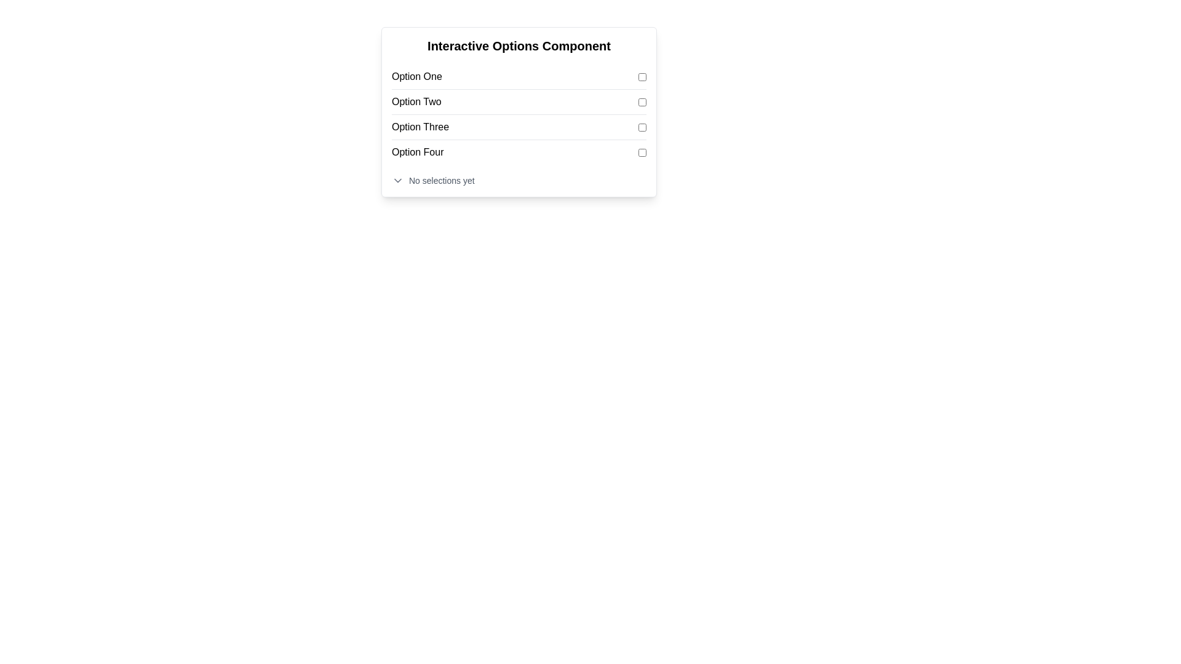  Describe the element at coordinates (418, 151) in the screenshot. I see `the label describing the fourth option in the options list, which is positioned to the left of a checkbox` at that location.